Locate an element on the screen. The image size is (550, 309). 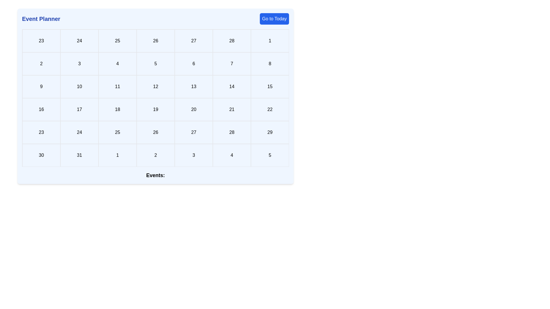
the Calendar day cell displaying the number '14' is located at coordinates (232, 87).